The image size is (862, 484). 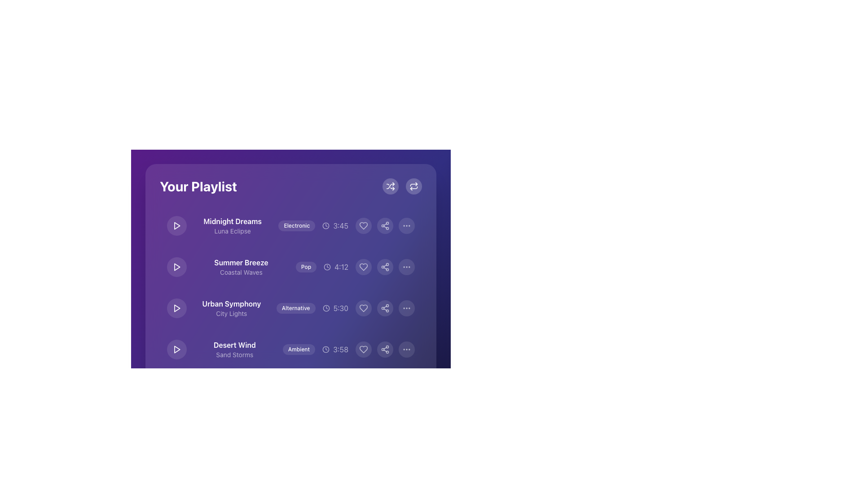 I want to click on the second genre tag badge indicating the music item next to 'Summer Breeze', positioned slightly below 'Midnight Dreams', so click(x=291, y=254).